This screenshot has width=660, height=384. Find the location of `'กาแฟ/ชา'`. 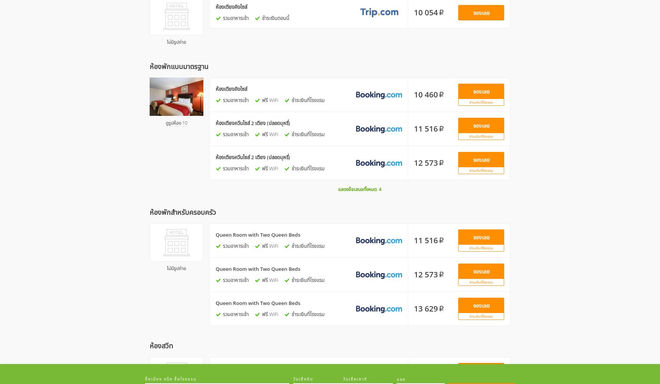

'กาแฟ/ชา' is located at coordinates (391, 81).